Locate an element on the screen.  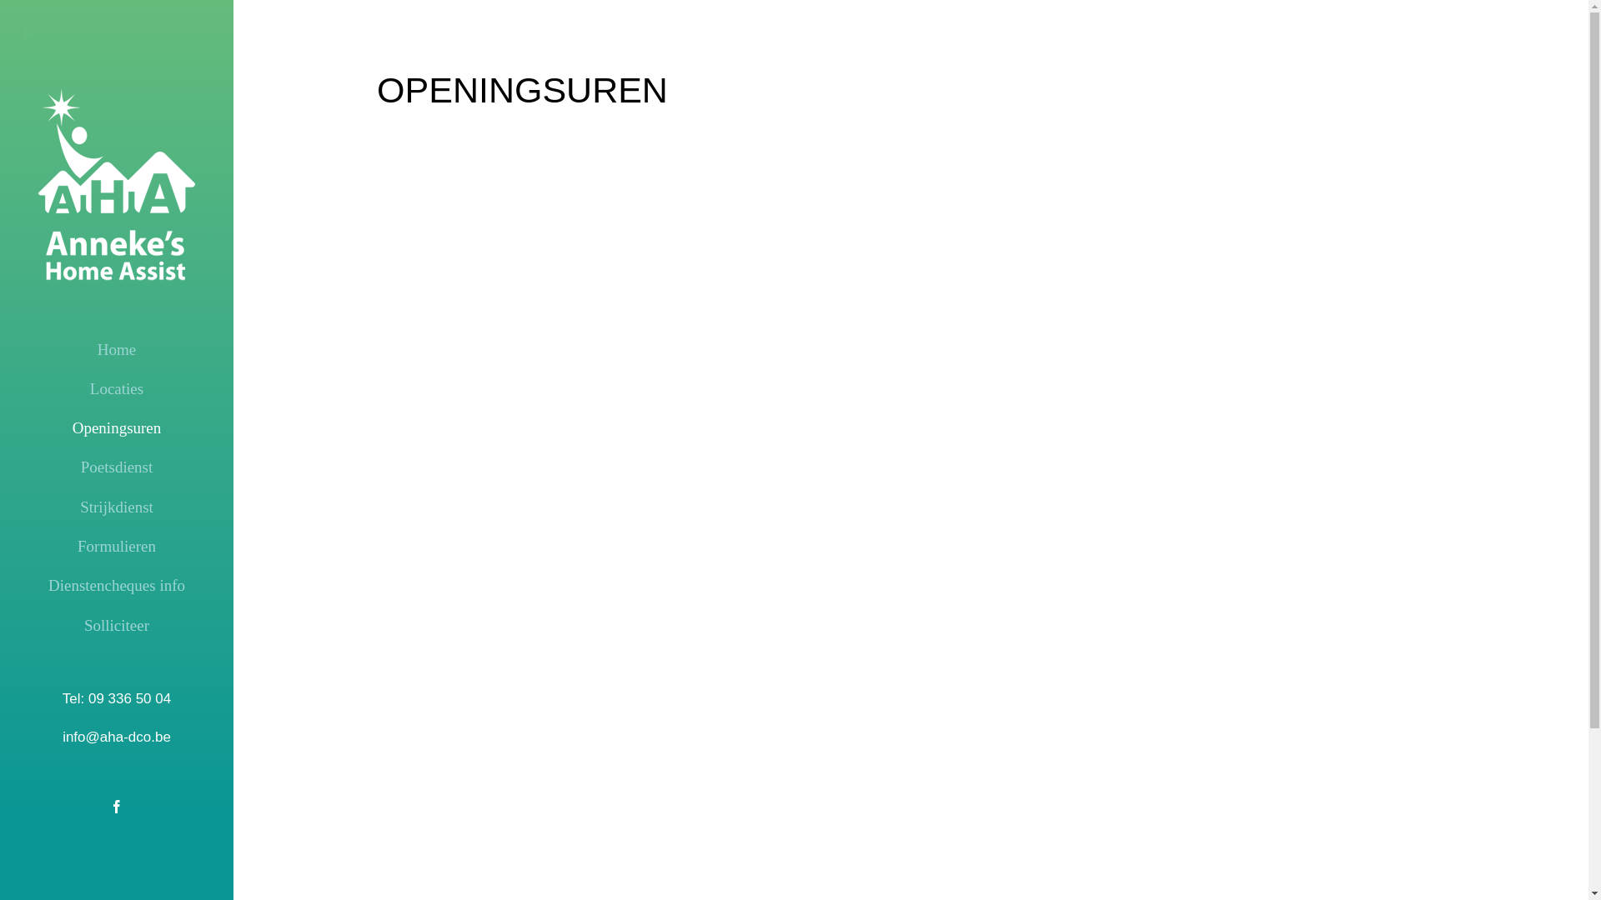
'info@aha-dco.be' is located at coordinates (115, 736).